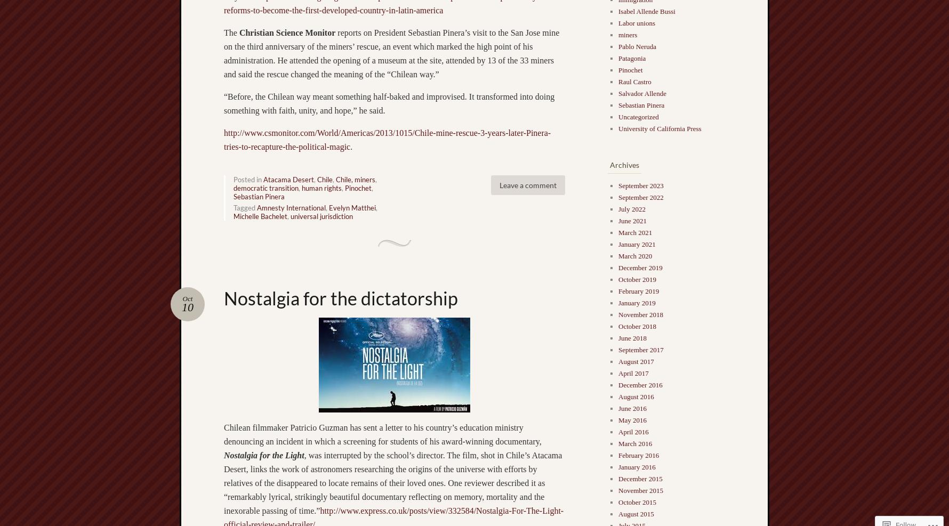 The height and width of the screenshot is (526, 949). Describe the element at coordinates (618, 490) in the screenshot. I see `'November 2015'` at that location.